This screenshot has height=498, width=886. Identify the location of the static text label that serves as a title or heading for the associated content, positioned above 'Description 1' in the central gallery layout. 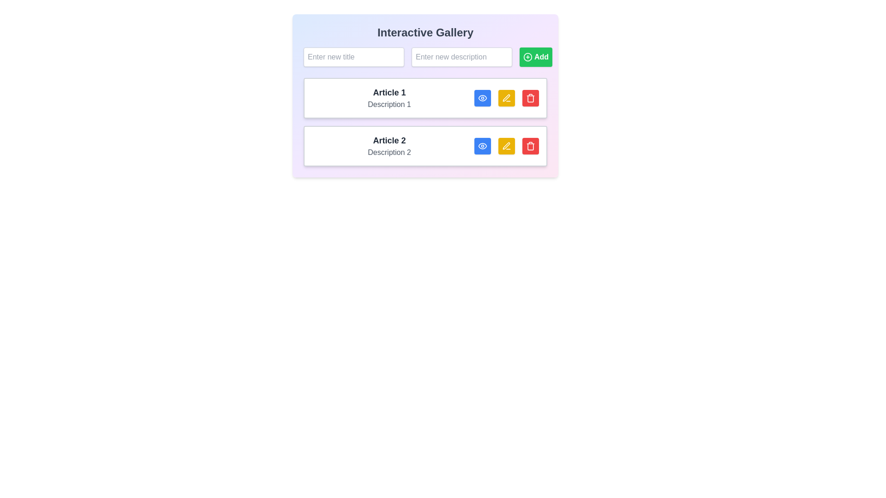
(389, 92).